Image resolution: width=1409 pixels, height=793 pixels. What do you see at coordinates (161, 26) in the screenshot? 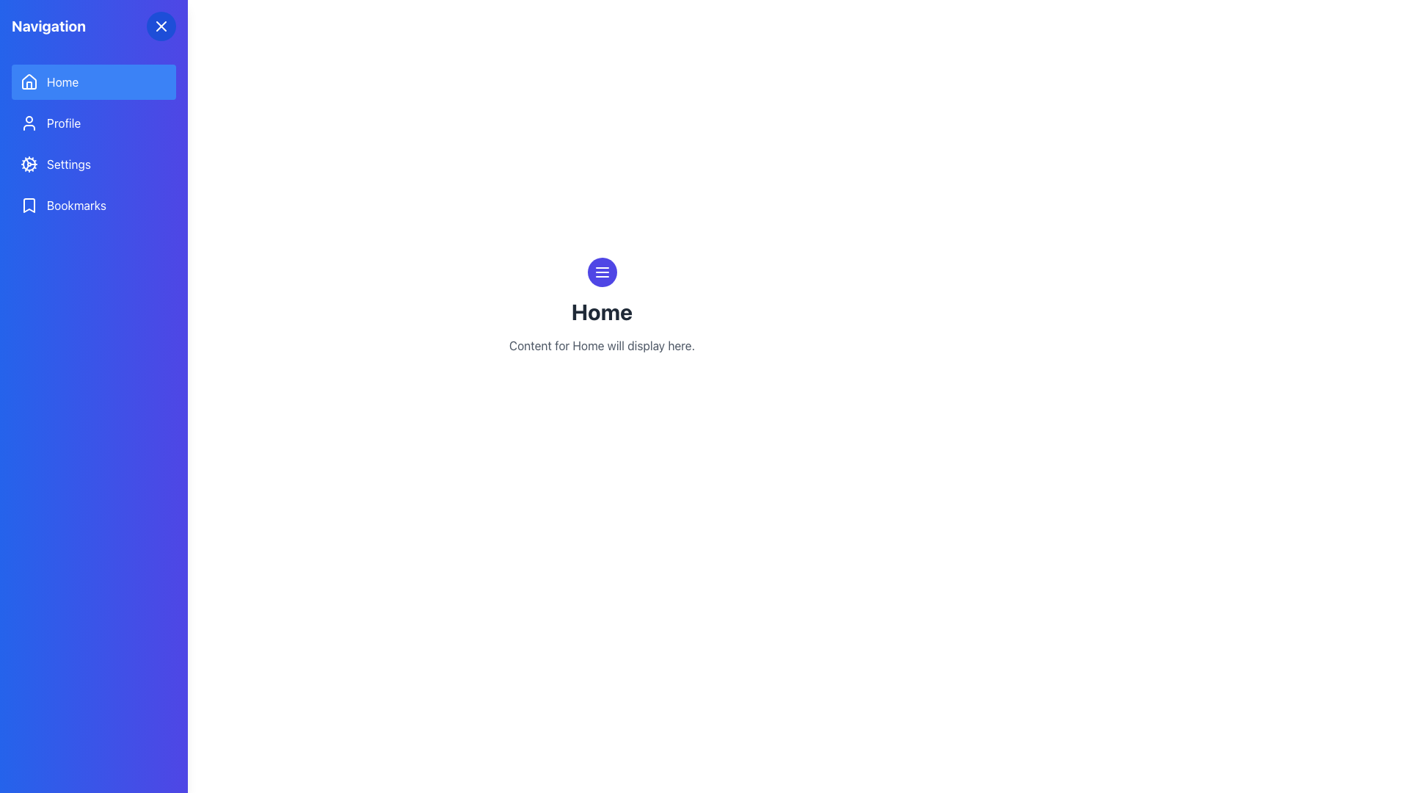
I see `the circular blue button with a white 'X' icon located in the top-right corner of the navigation bar` at bounding box center [161, 26].